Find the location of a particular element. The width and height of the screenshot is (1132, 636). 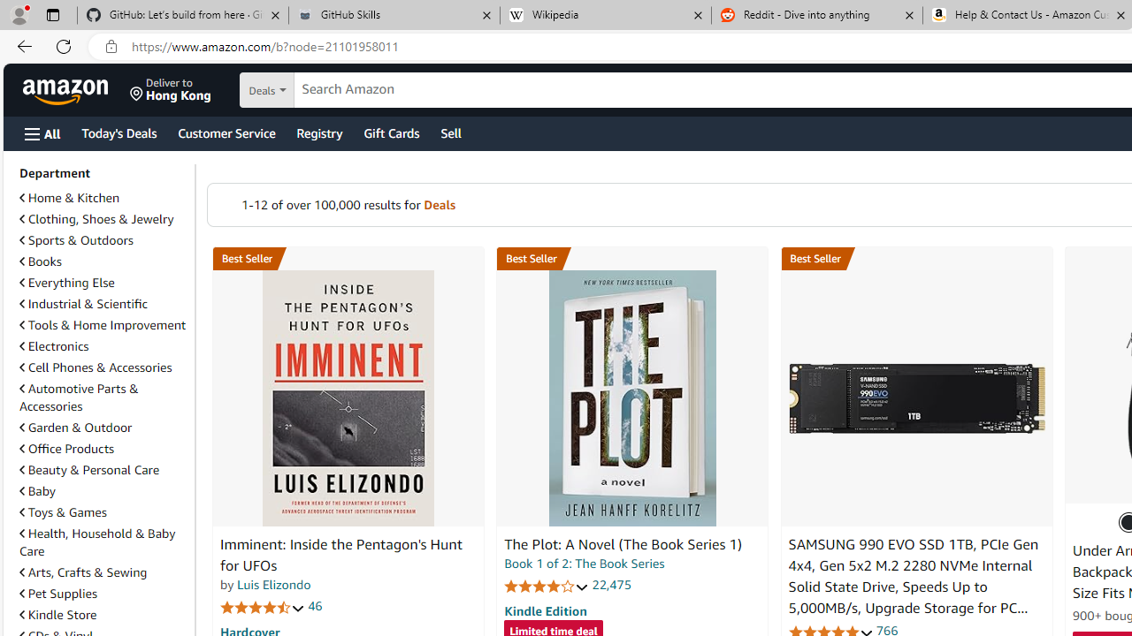

'Garden & Outdoor' is located at coordinates (74, 428).